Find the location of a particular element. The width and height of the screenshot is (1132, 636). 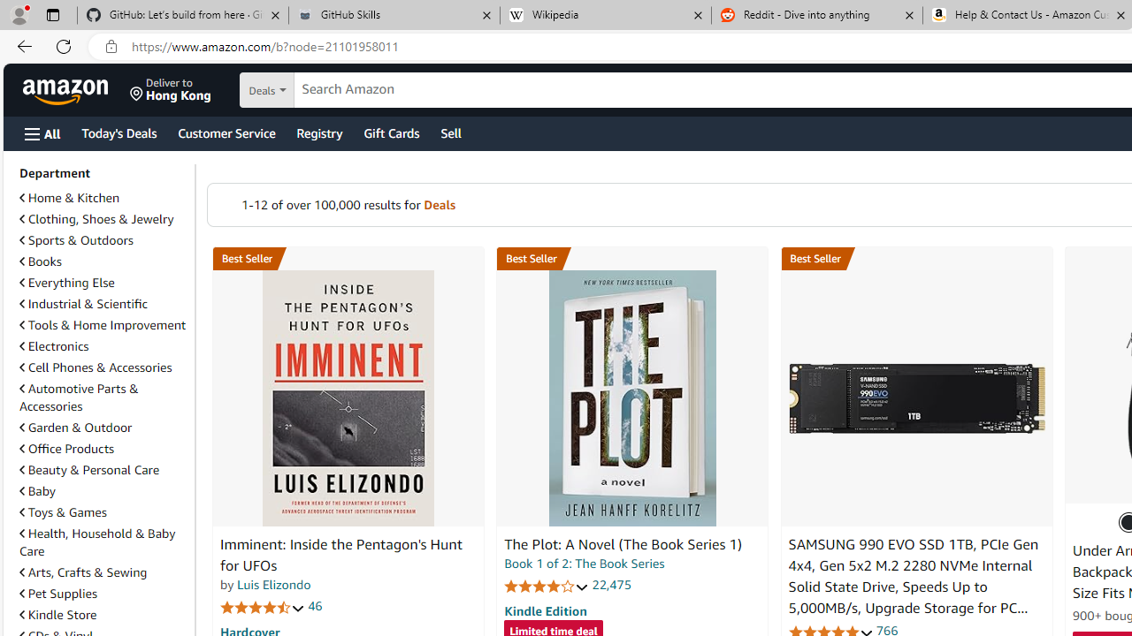

'Garden & Outdoor' is located at coordinates (74, 428).